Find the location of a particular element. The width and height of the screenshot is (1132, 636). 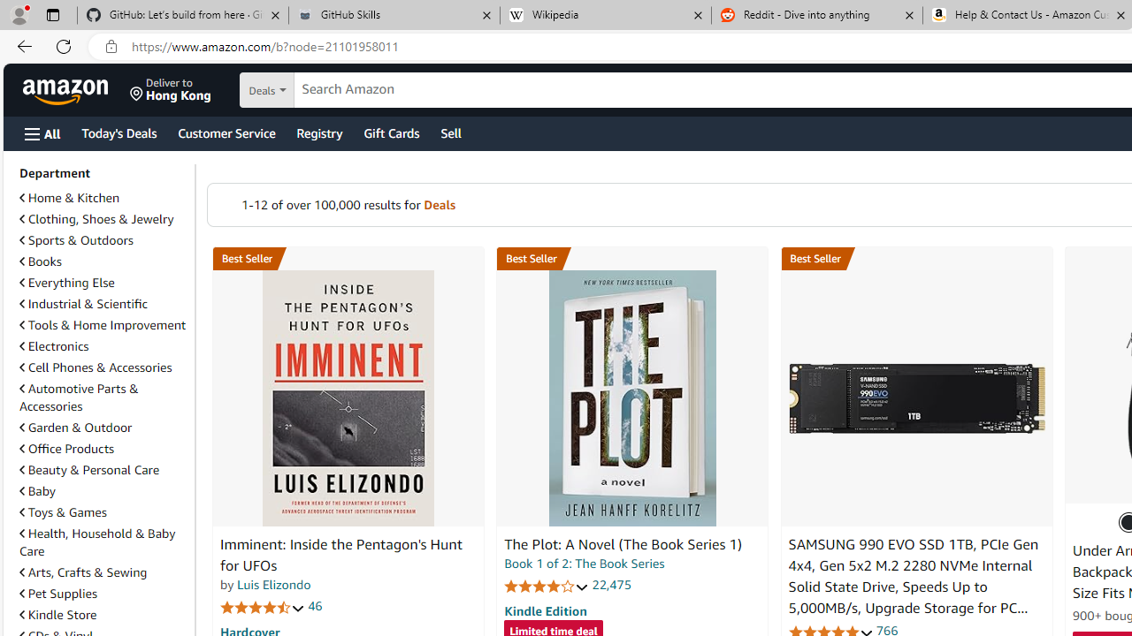

'Garden & Outdoor' is located at coordinates (74, 428).